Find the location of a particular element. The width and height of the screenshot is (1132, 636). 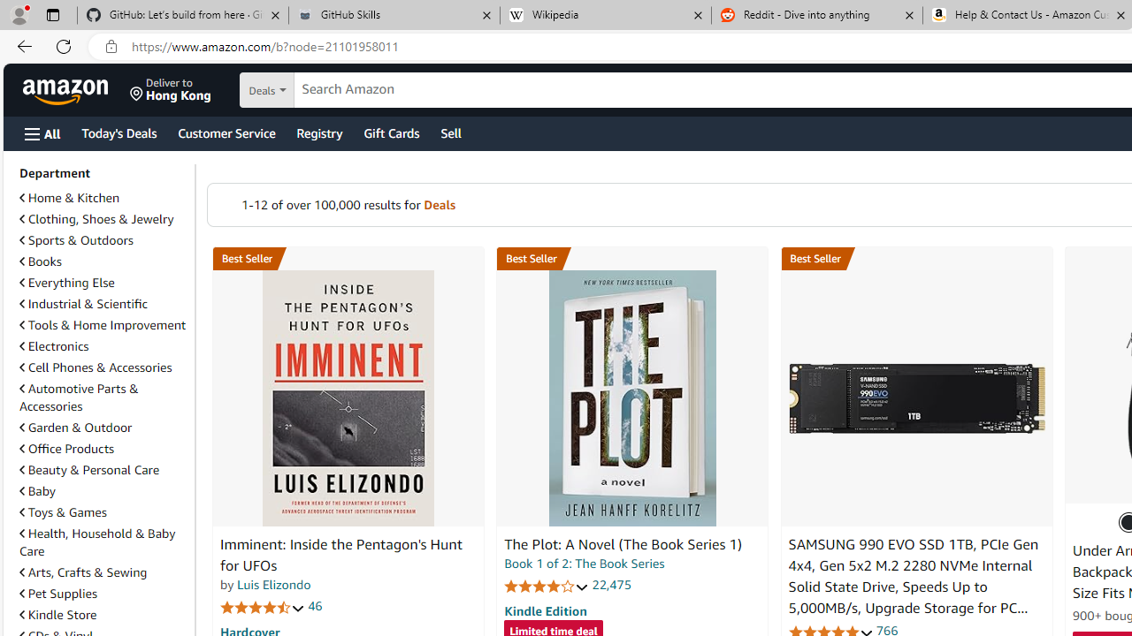

'Garden & Outdoor' is located at coordinates (74, 428).